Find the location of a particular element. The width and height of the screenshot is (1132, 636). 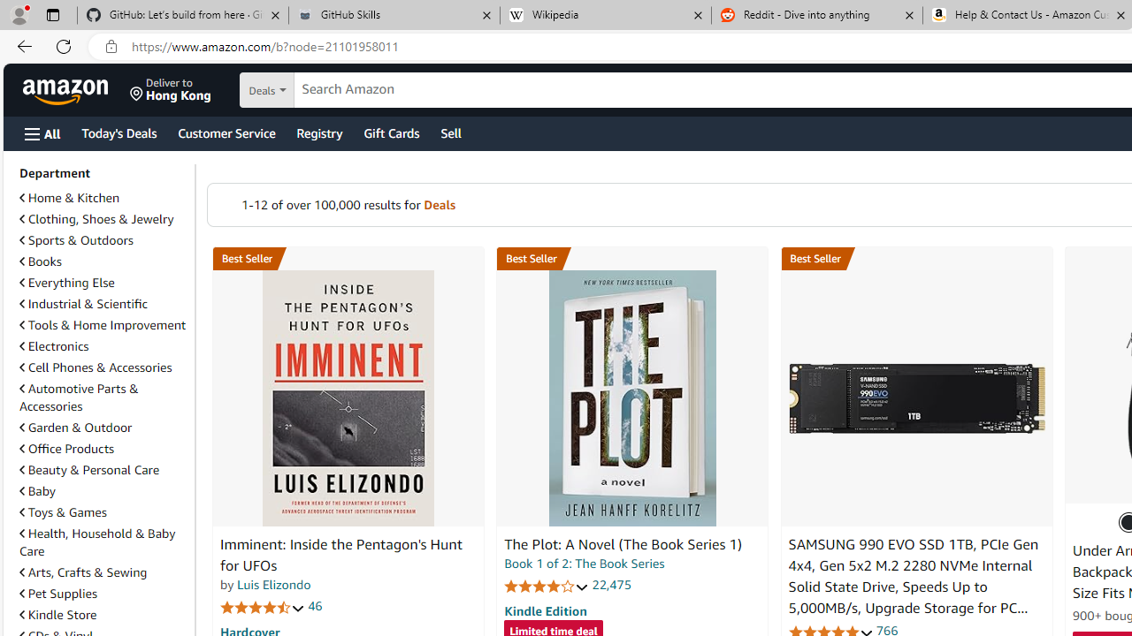

'Garden & Outdoor' is located at coordinates (74, 428).